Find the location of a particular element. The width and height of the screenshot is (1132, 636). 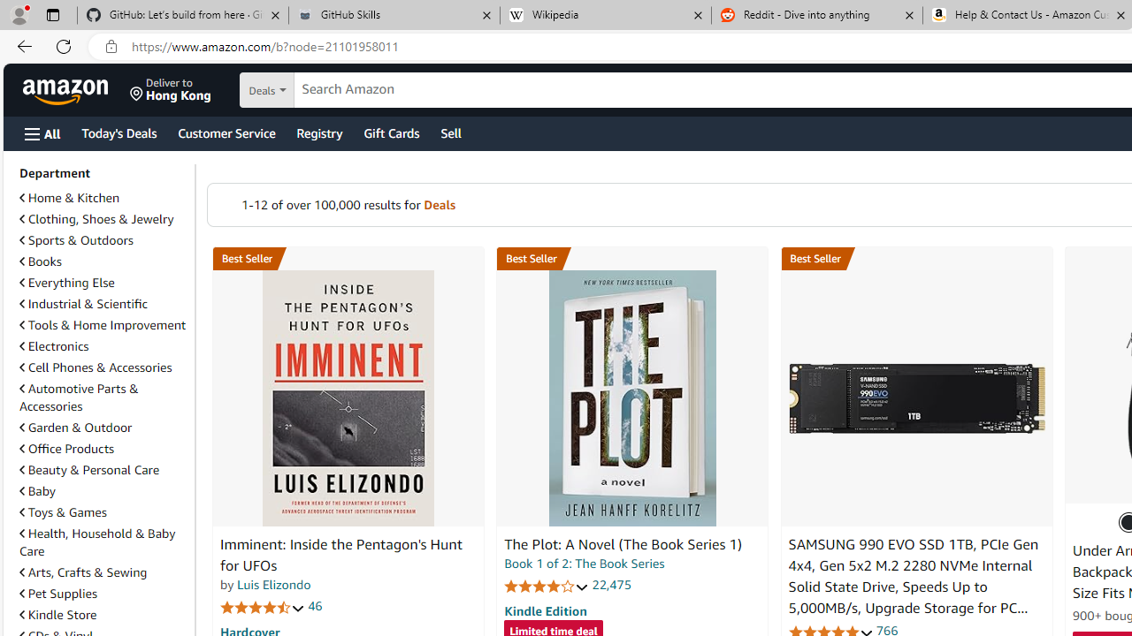

'Garden & Outdoor' is located at coordinates (74, 428).